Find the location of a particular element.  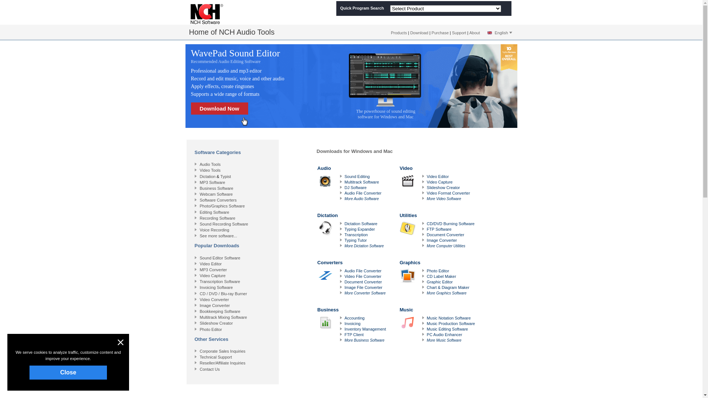

'Video' is located at coordinates (399, 183).